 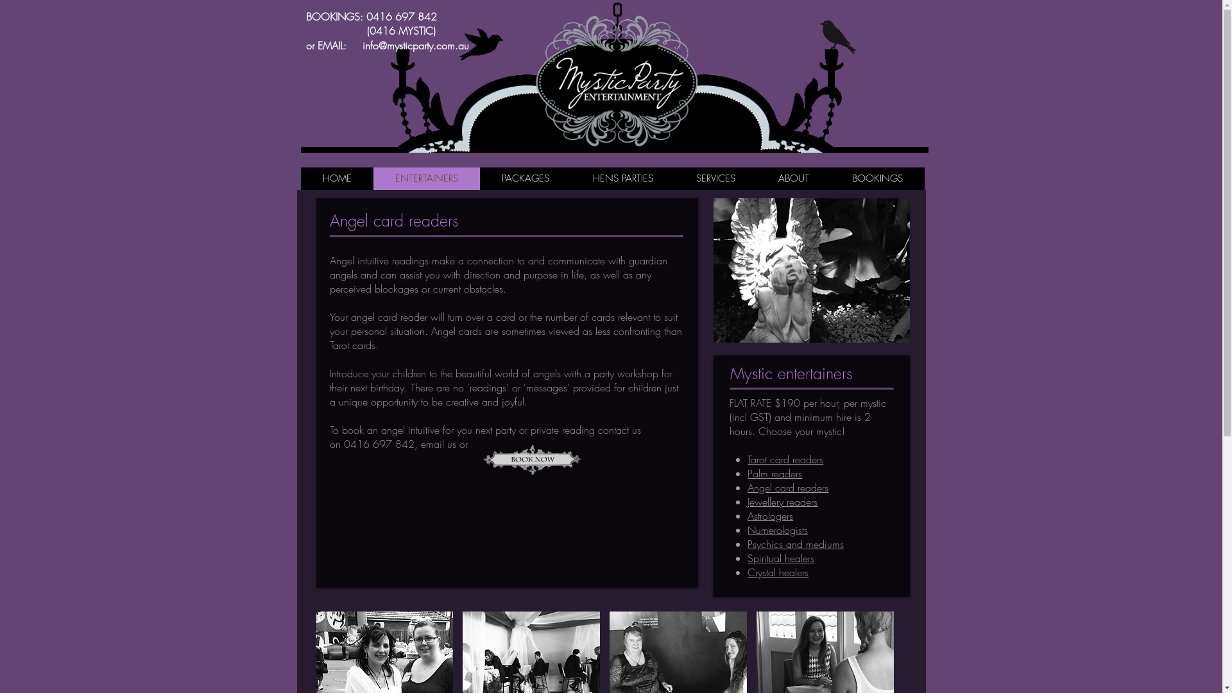 What do you see at coordinates (877, 178) in the screenshot?
I see `'BOOKINGS'` at bounding box center [877, 178].